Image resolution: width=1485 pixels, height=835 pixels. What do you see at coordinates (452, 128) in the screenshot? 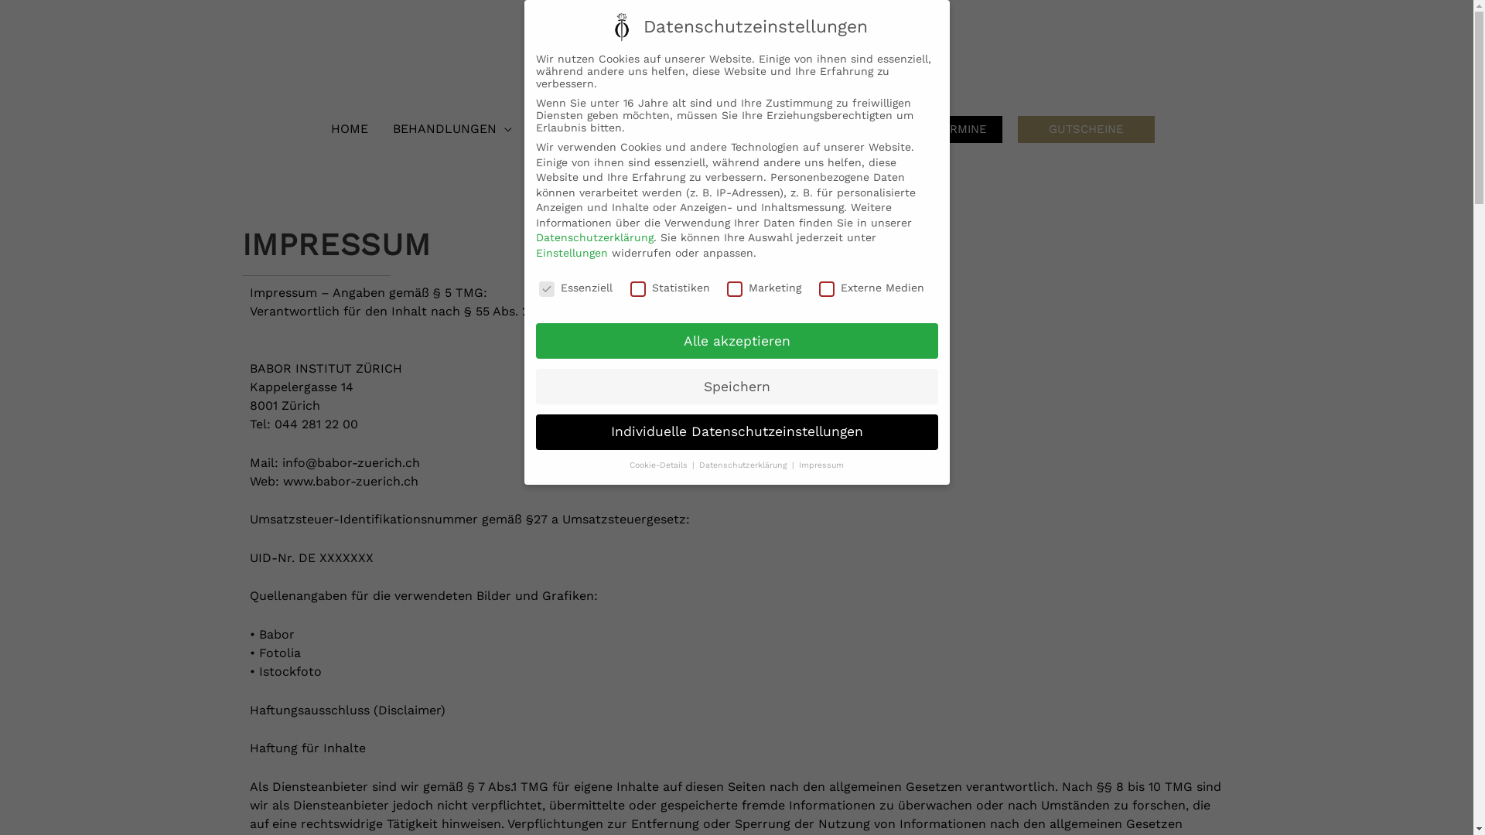
I see `'BEHANDLUNGEN'` at bounding box center [452, 128].